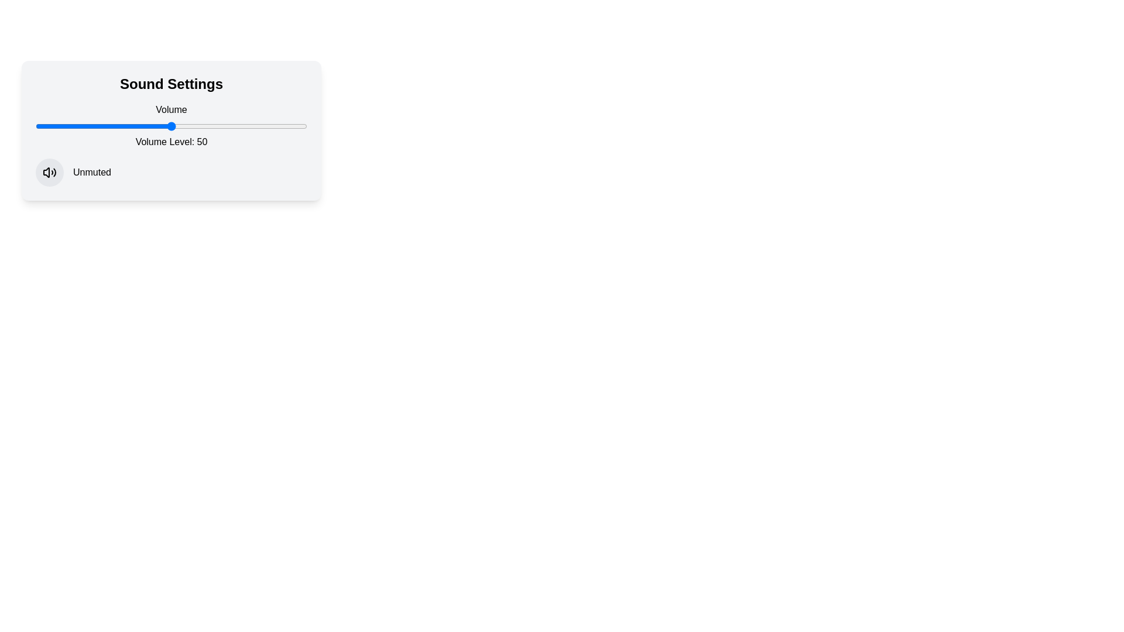  I want to click on the volume, so click(238, 126).